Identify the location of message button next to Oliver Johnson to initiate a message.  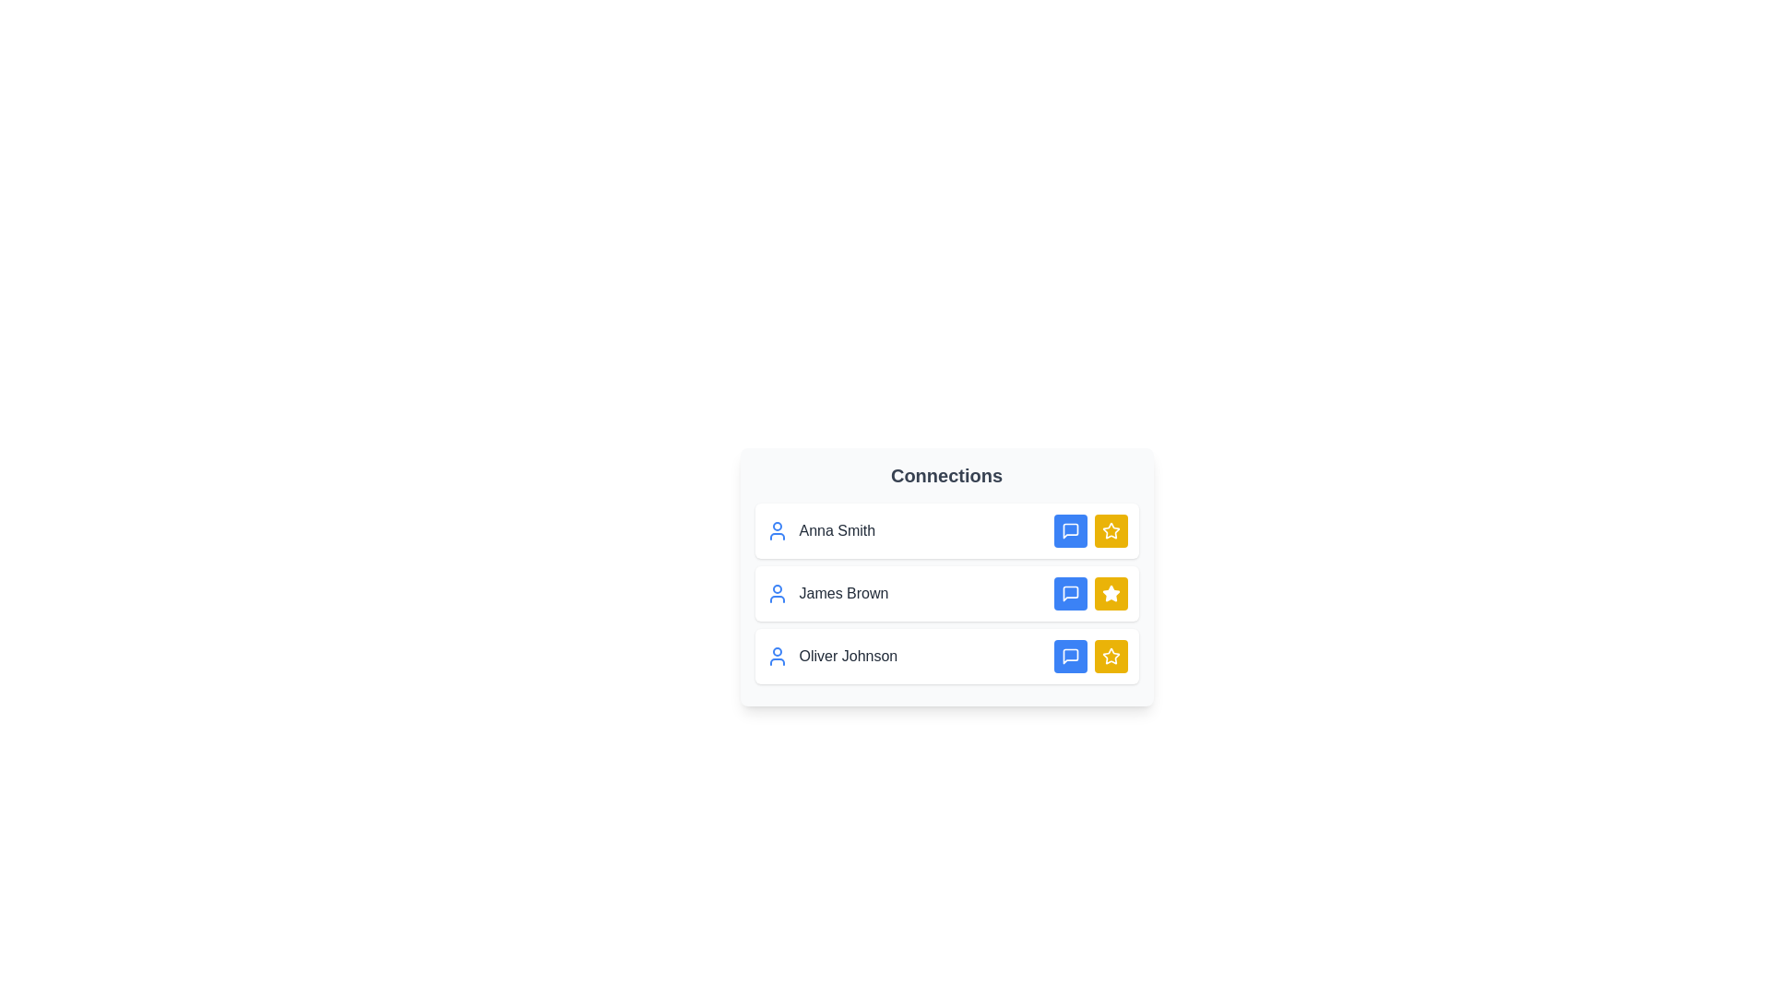
(1070, 656).